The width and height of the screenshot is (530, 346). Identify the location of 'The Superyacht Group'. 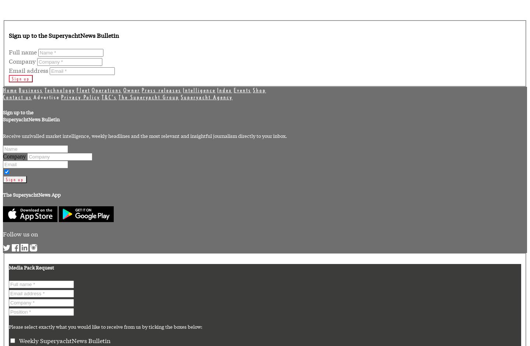
(118, 97).